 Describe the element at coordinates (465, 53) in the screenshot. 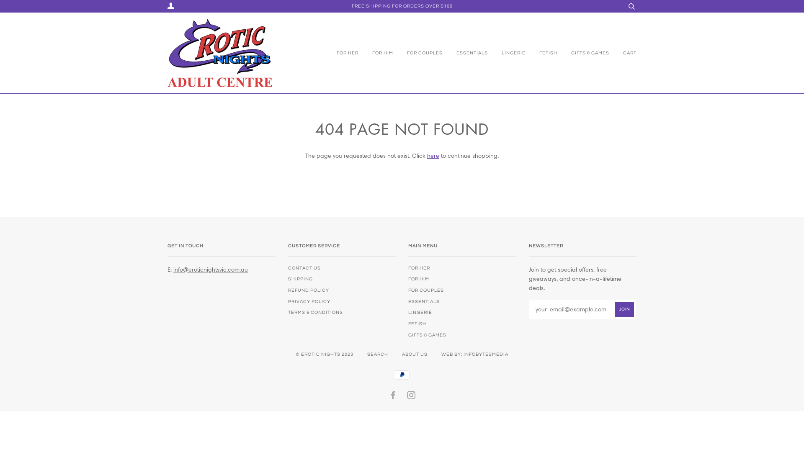

I see `'ESSENTIALS'` at that location.